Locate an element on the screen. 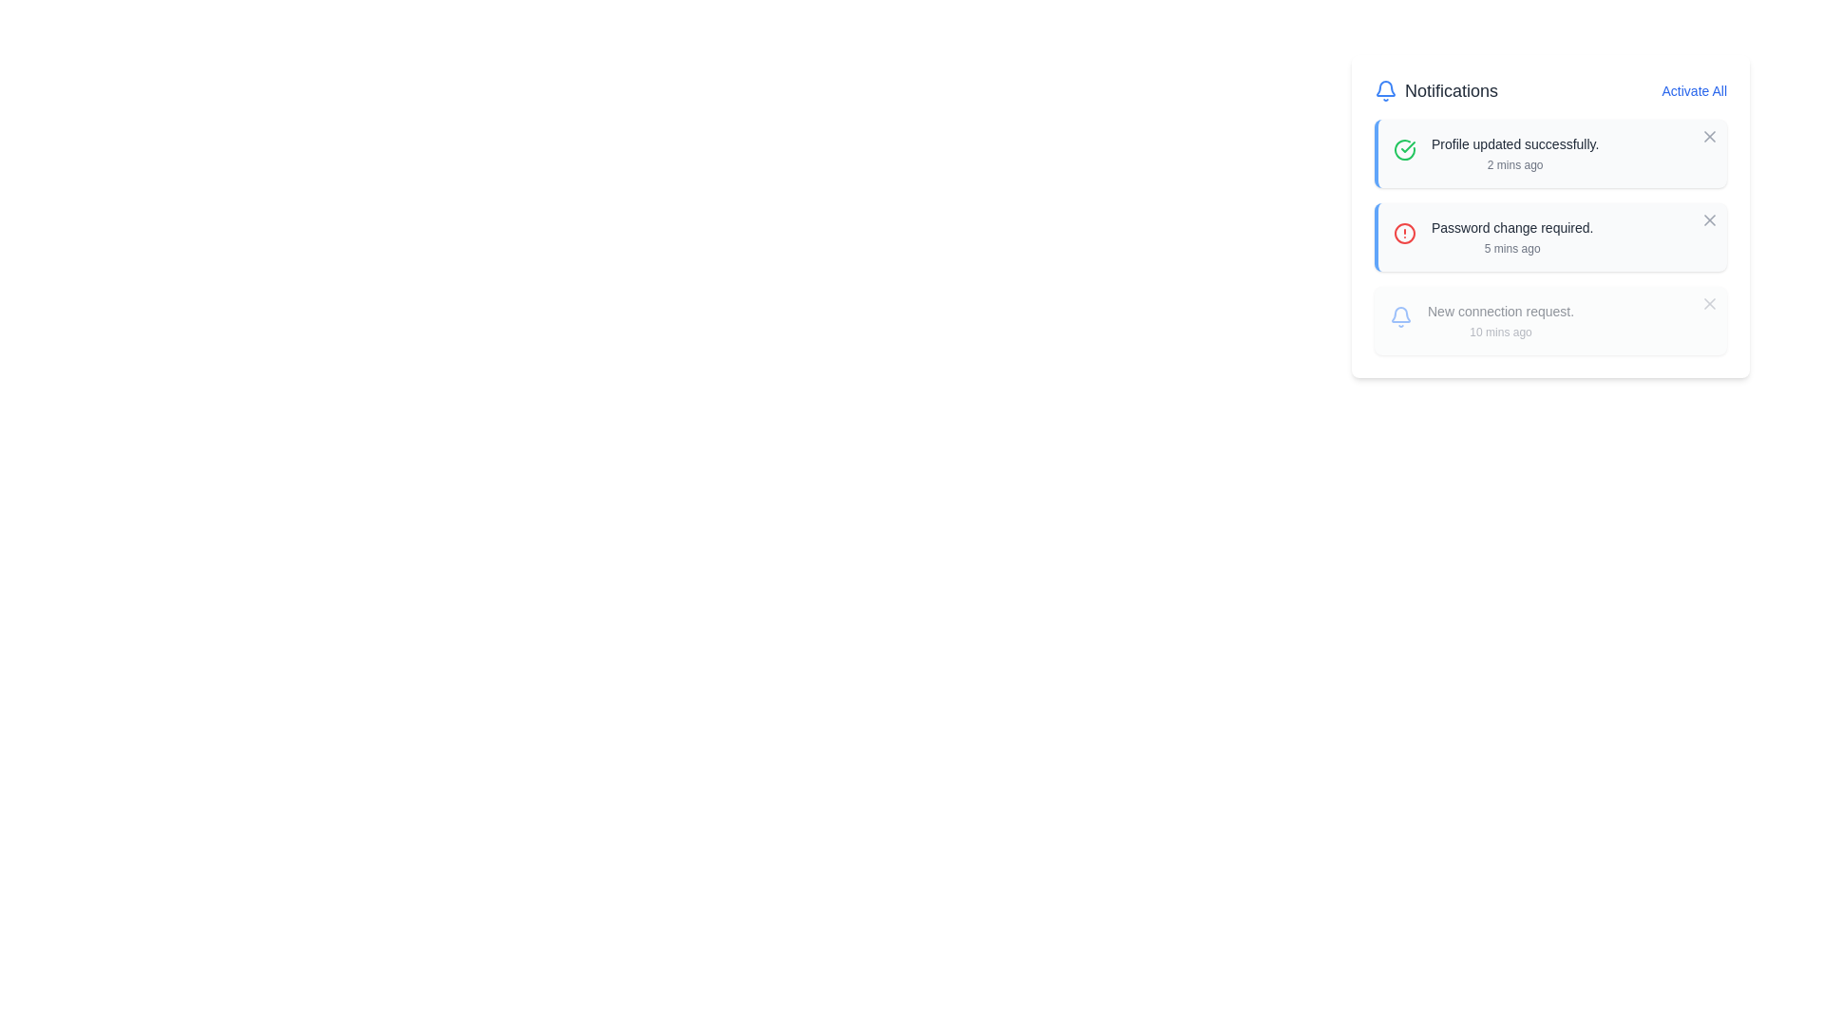  the text label that serves as a notification message indicating a successful profile update, which is the first item in the notifications panel, positioned above the '2 mins ago' text is located at coordinates (1514, 142).